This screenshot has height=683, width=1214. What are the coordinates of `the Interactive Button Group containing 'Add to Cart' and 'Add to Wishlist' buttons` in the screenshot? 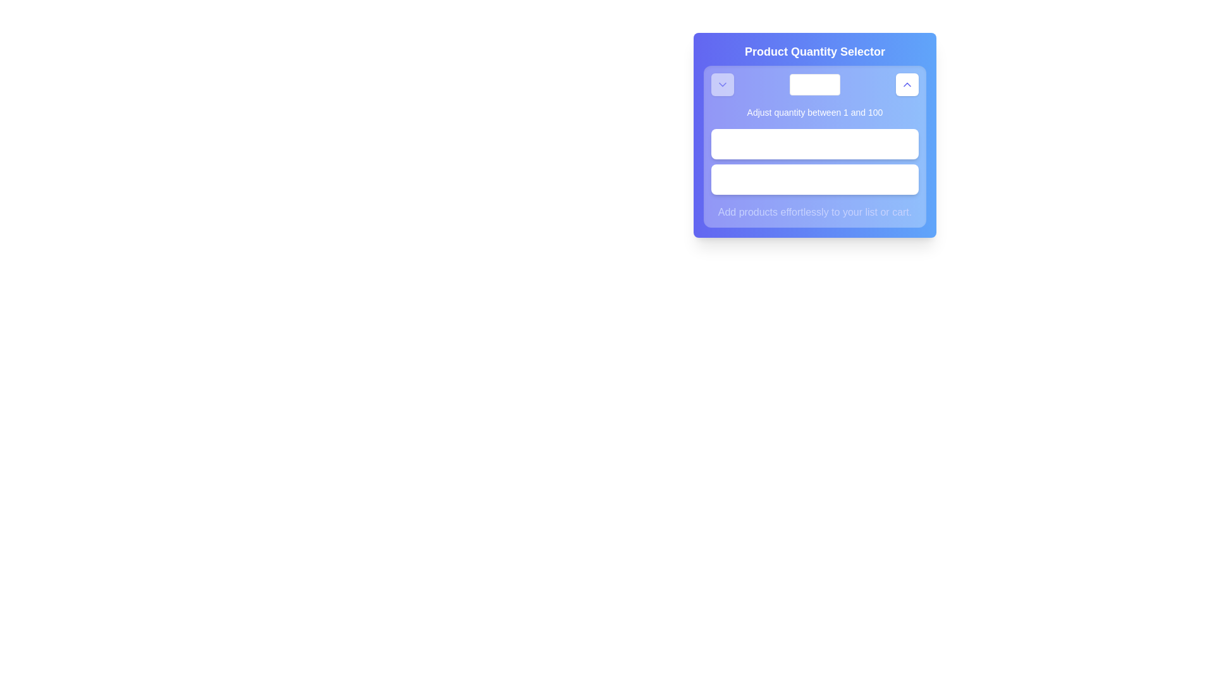 It's located at (815, 161).